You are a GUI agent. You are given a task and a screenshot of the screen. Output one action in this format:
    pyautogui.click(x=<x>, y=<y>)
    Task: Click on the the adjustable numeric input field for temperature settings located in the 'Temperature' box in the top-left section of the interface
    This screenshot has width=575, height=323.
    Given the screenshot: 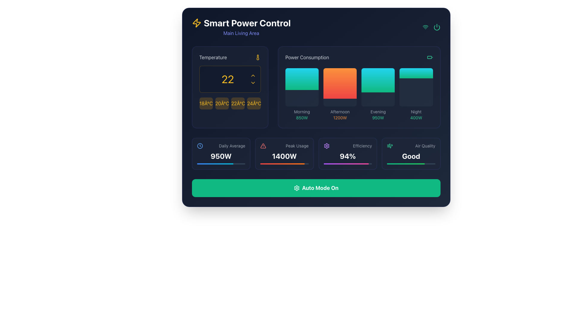 What is the action you would take?
    pyautogui.click(x=230, y=79)
    